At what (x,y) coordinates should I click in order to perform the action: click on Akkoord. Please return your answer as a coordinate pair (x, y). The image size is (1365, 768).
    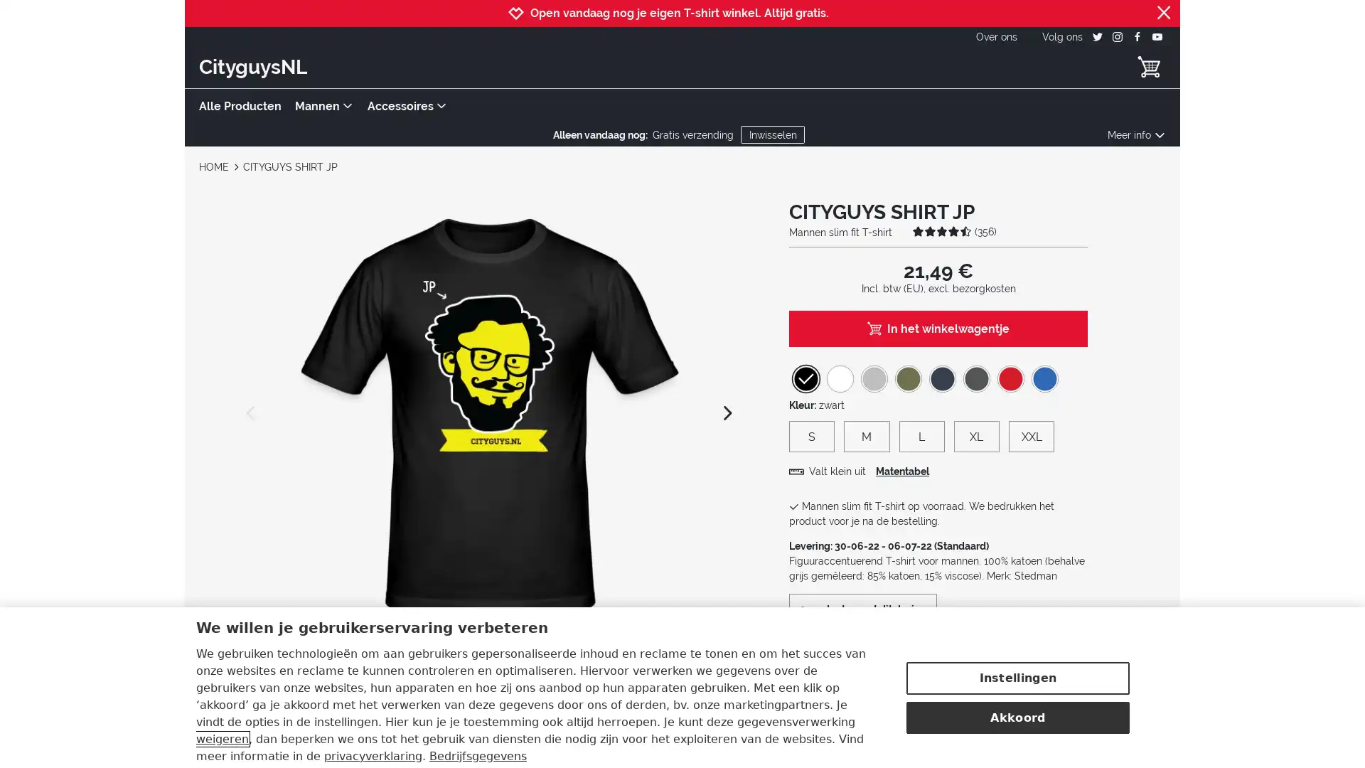
    Looking at the image, I should click on (1017, 685).